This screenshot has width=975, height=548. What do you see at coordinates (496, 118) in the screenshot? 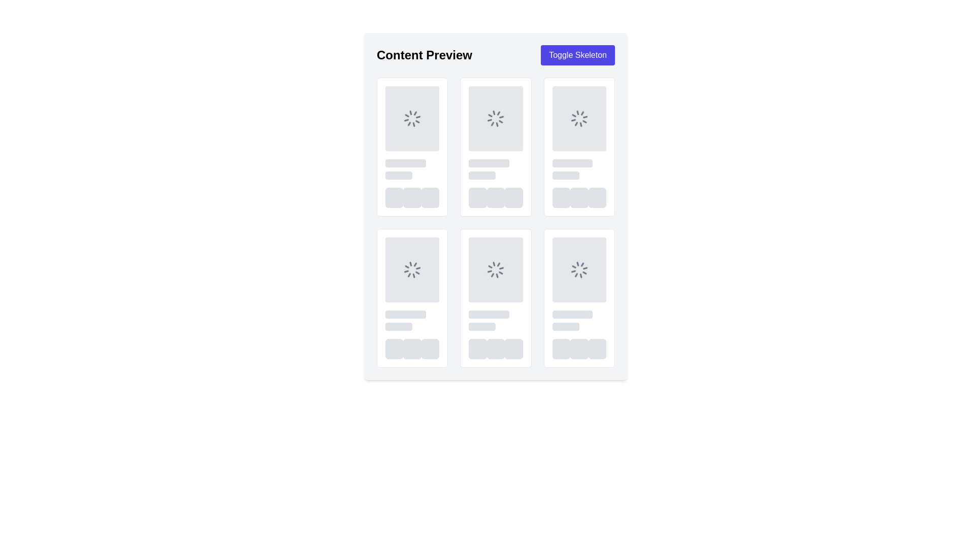
I see `the spinning loader icon, which is a circular gray icon used as a loading indicator, located at the center of the second card in the first row of a grid layout` at bounding box center [496, 118].